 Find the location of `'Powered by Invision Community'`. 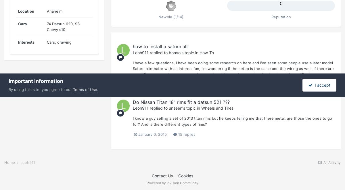

'Powered by Invision Community' is located at coordinates (172, 182).